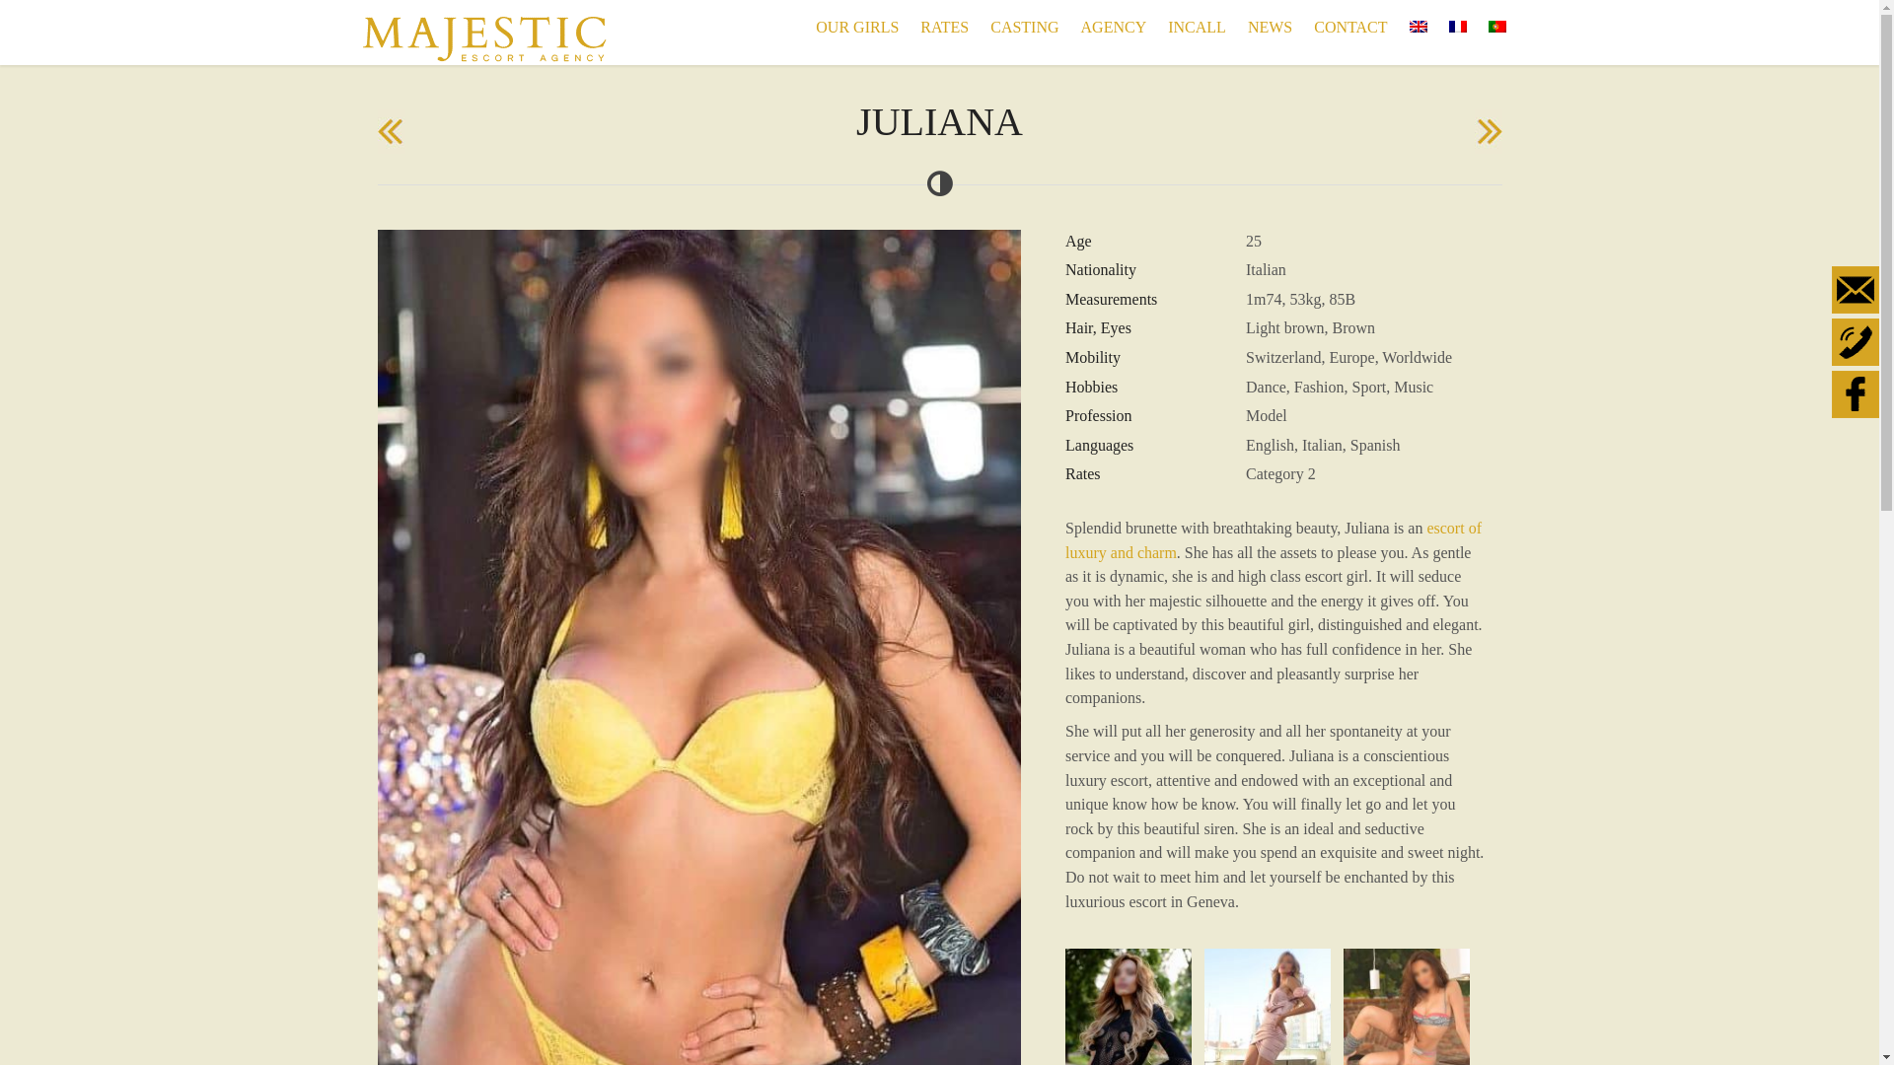 The height and width of the screenshot is (1065, 1894). I want to click on 'INCALL', so click(1156, 27).